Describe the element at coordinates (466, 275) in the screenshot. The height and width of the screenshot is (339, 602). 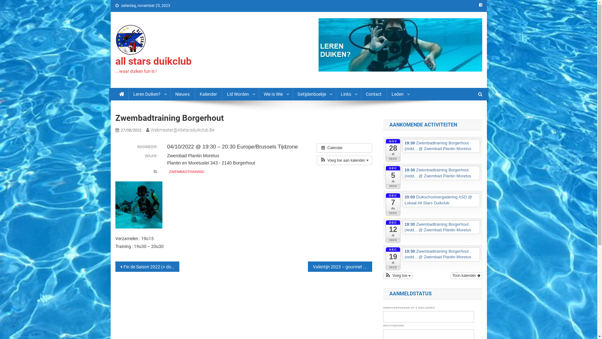
I see `'Toon kalender'` at that location.